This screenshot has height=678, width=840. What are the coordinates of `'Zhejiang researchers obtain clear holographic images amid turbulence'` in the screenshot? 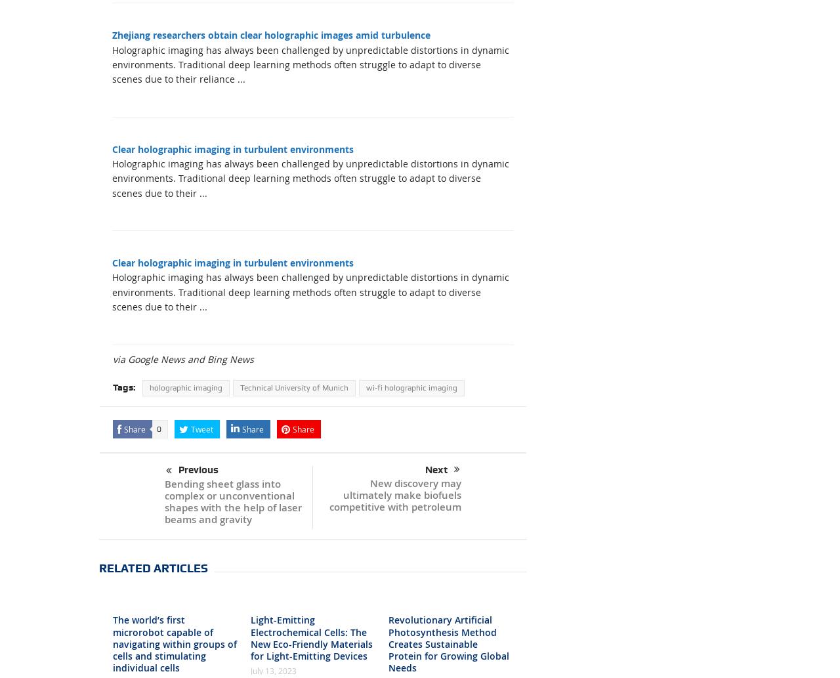 It's located at (270, 35).